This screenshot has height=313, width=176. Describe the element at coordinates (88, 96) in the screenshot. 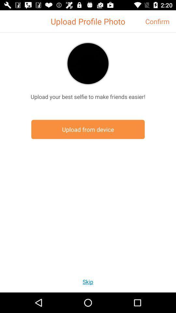

I see `the icon above the upload from device item` at that location.